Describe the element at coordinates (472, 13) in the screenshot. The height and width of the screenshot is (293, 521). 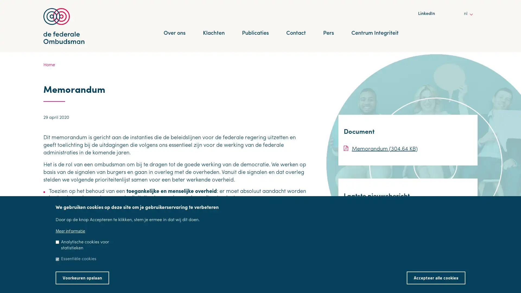
I see `other languages` at that location.